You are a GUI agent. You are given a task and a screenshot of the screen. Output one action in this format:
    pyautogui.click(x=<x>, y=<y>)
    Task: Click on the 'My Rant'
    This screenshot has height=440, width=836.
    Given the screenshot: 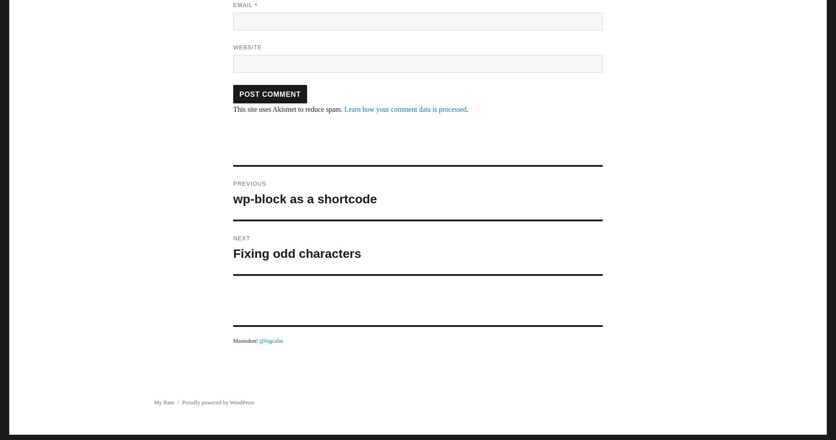 What is the action you would take?
    pyautogui.click(x=153, y=402)
    